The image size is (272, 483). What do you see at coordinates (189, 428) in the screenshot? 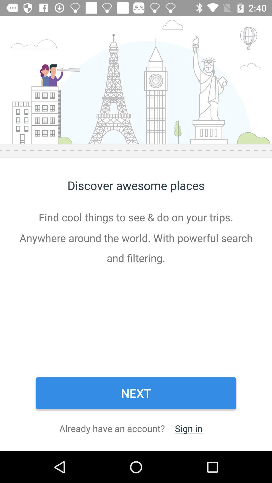
I see `sign in icon` at bounding box center [189, 428].